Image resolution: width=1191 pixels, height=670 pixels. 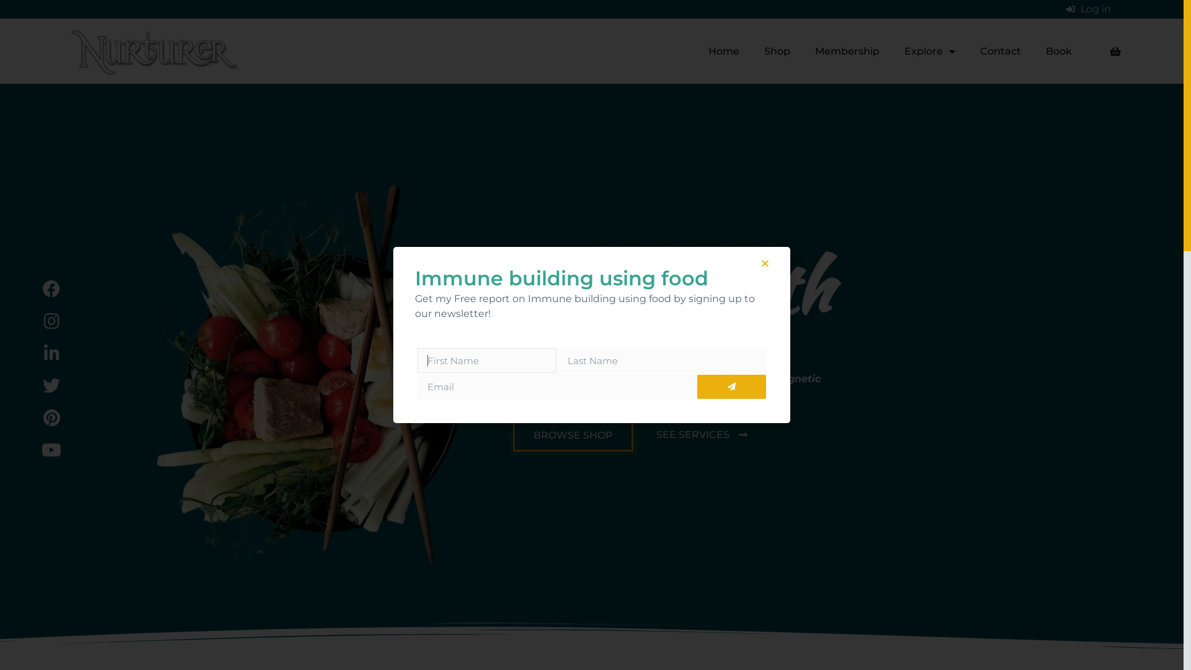 I want to click on 'Book', so click(x=1033, y=51).